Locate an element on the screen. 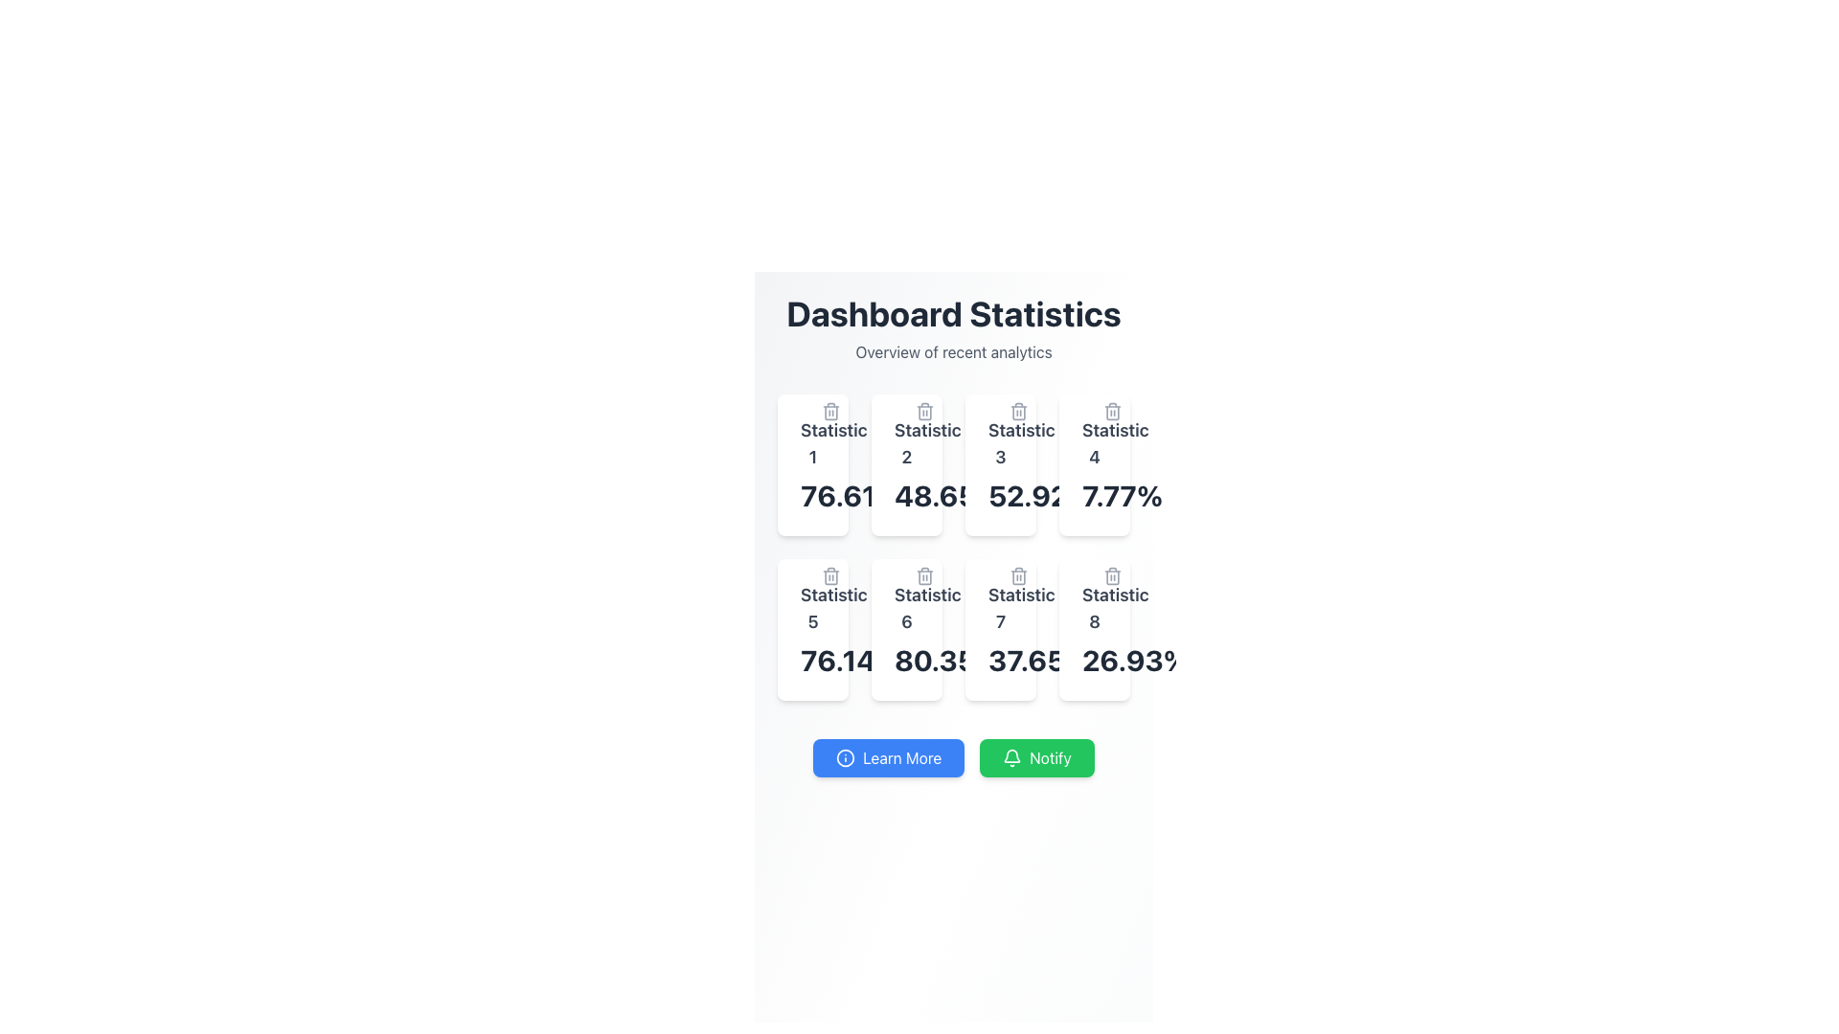 This screenshot has width=1839, height=1034. the delete icon button located in the top-right corner of the 'Statistic 5' card, above the text '76.14%' is located at coordinates (831, 574).